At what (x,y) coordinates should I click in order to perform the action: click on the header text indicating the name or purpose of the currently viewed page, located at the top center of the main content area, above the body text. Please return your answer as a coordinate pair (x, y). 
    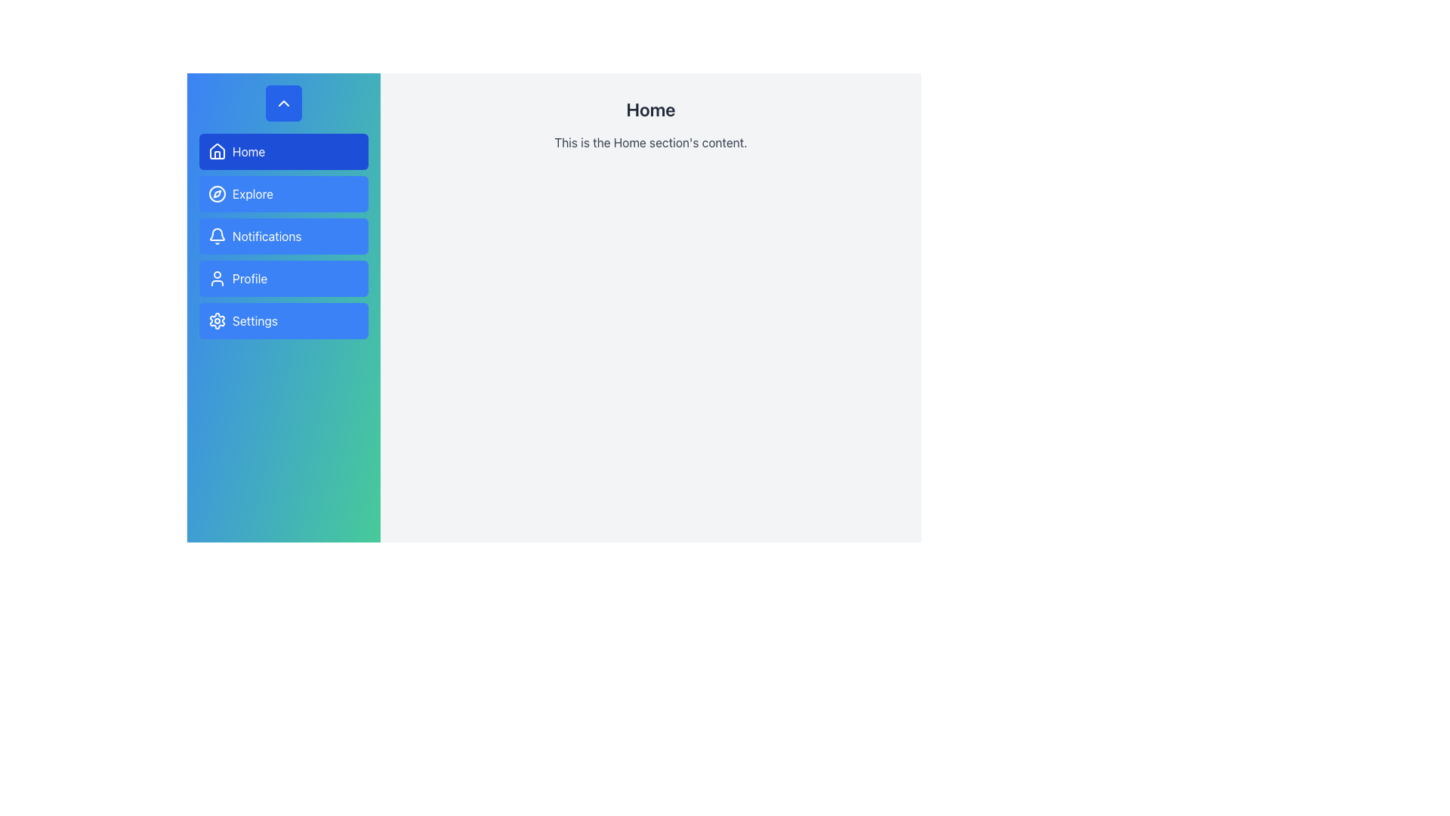
    Looking at the image, I should click on (651, 109).